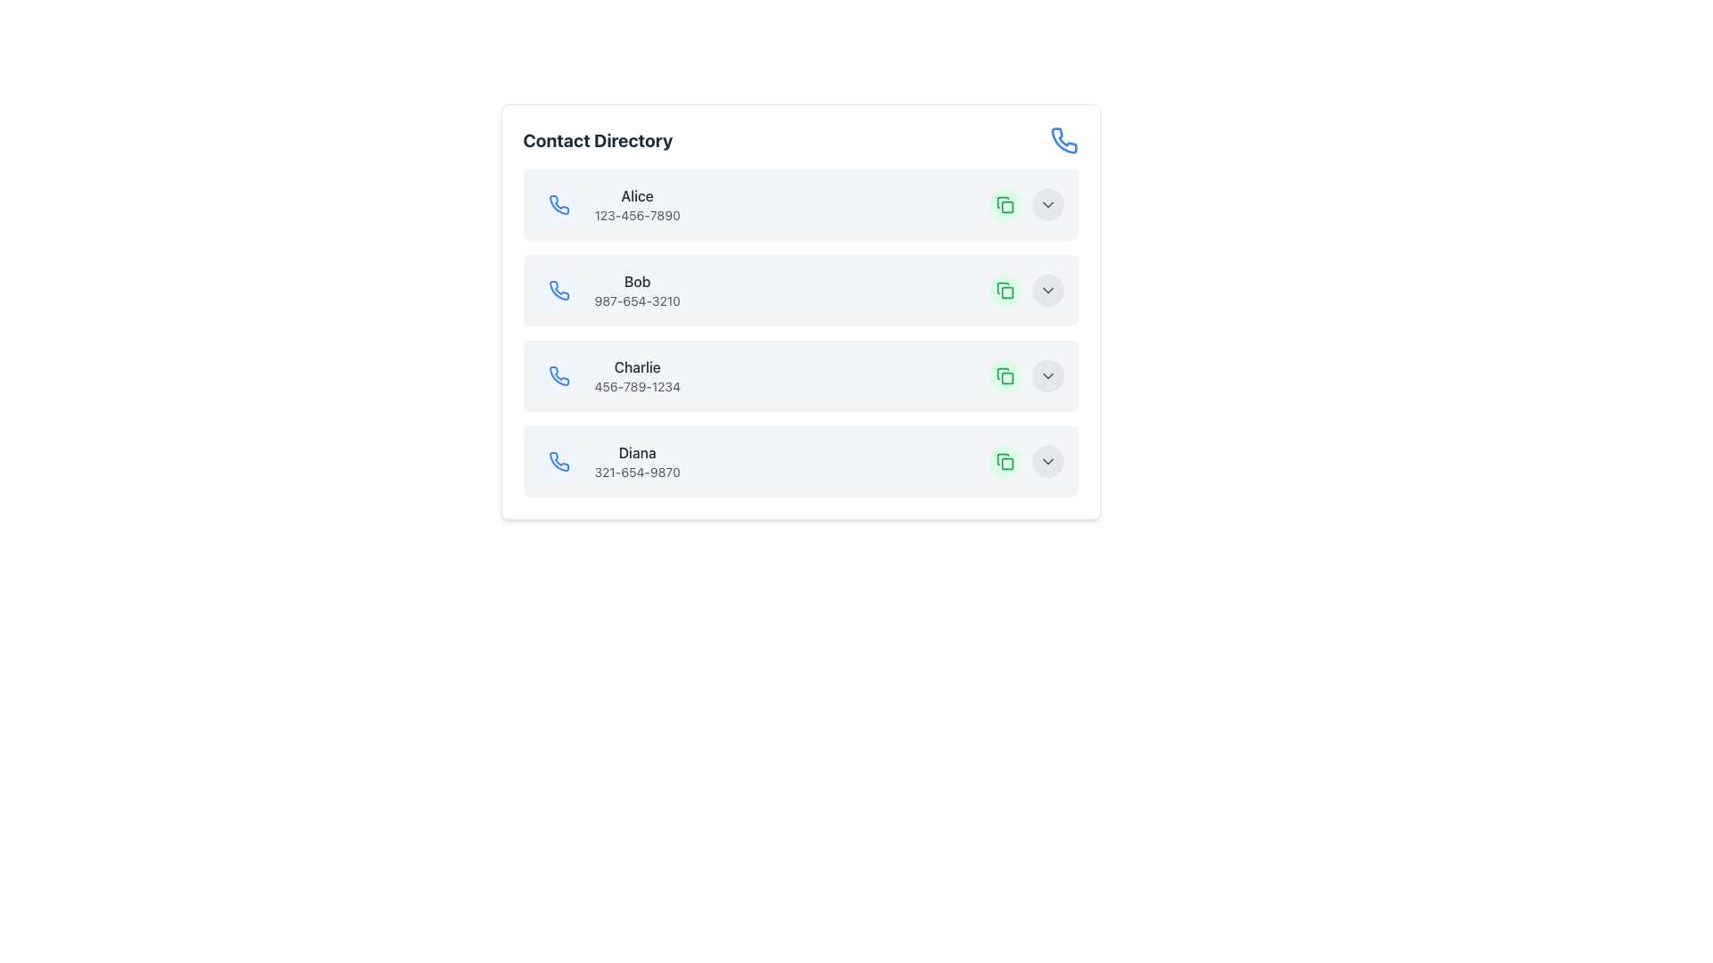  Describe the element at coordinates (1006, 377) in the screenshot. I see `the small square icon with a green border and transparent background, located` at that location.